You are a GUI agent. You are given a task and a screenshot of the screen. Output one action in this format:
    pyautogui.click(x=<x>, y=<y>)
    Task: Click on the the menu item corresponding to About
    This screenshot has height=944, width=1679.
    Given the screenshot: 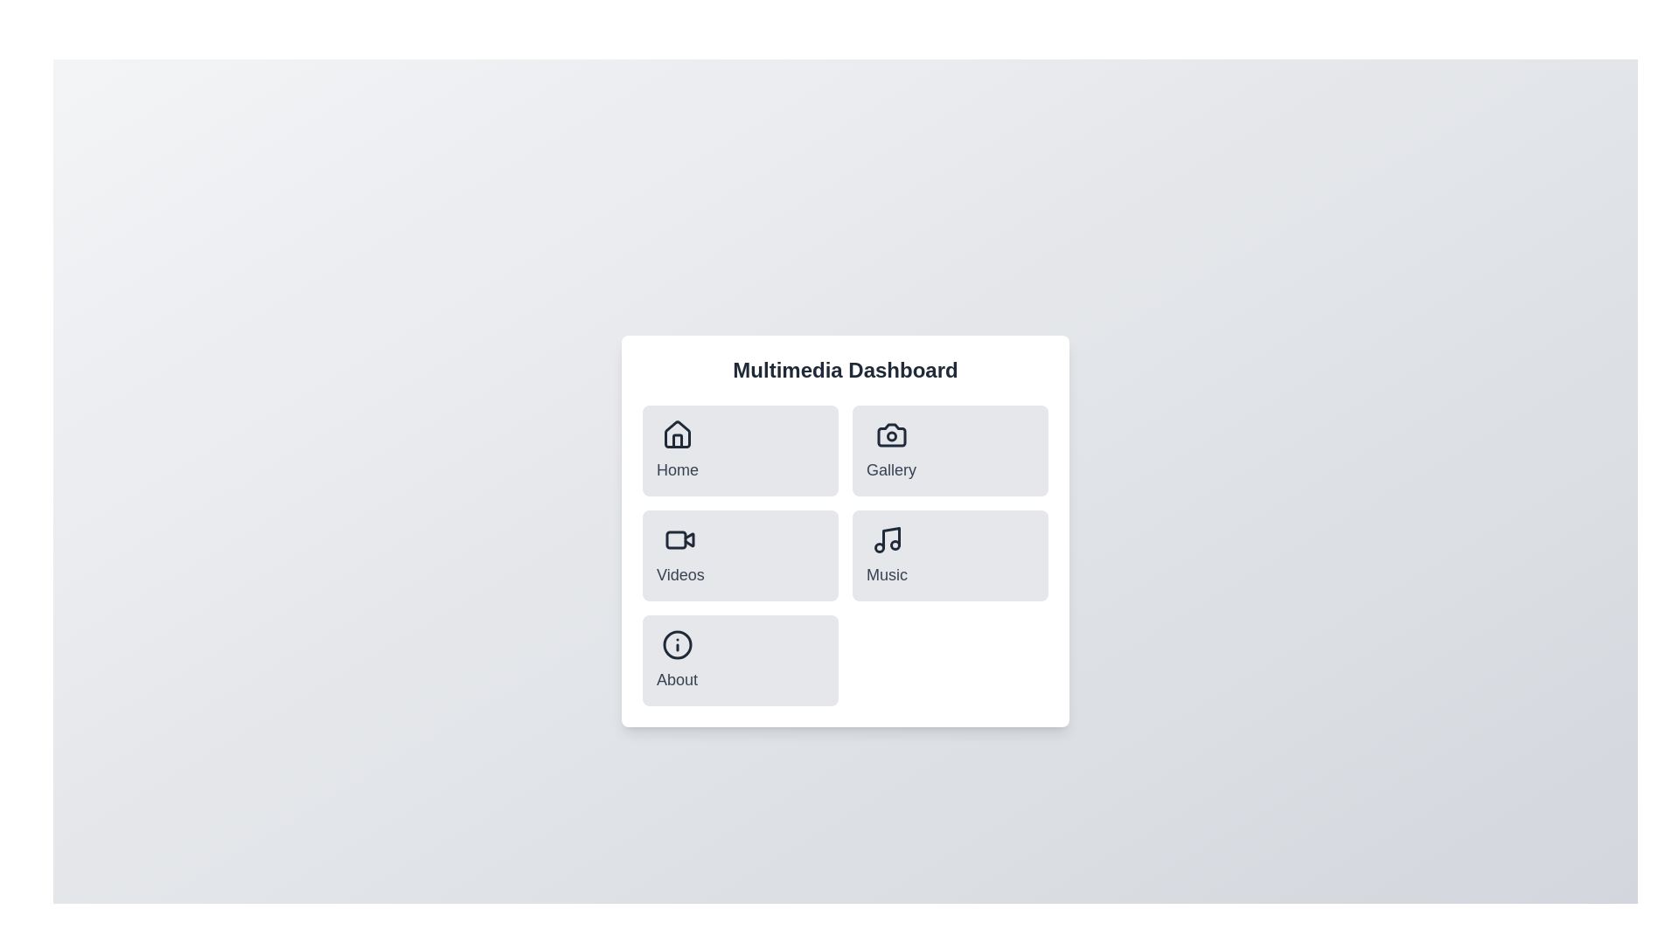 What is the action you would take?
    pyautogui.click(x=675, y=661)
    